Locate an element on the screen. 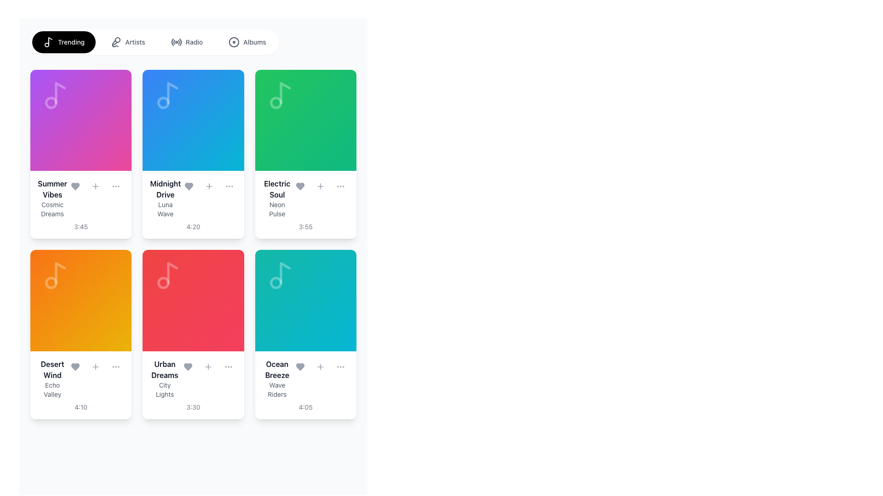 The height and width of the screenshot is (496, 883). the Menu Bar at the specified coordinates is located at coordinates (155, 42).